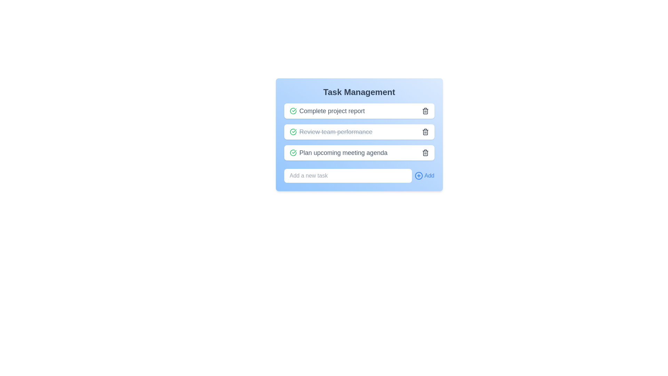  Describe the element at coordinates (425, 132) in the screenshot. I see `the Trash body icon, which is a vertical rectangle with rounded corners located to the far right of the second task item, adjacent to the text 'Review team performance'` at that location.